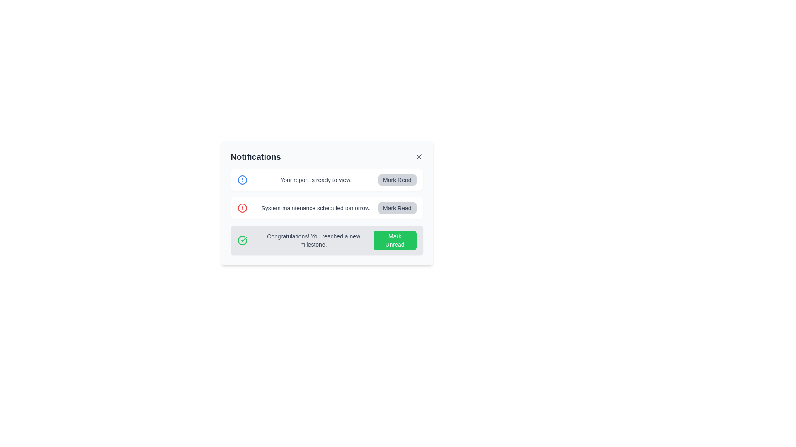 The height and width of the screenshot is (447, 796). Describe the element at coordinates (313, 240) in the screenshot. I see `the congratulatory message text that is part of the notification system, located in the center area of the notification card` at that location.